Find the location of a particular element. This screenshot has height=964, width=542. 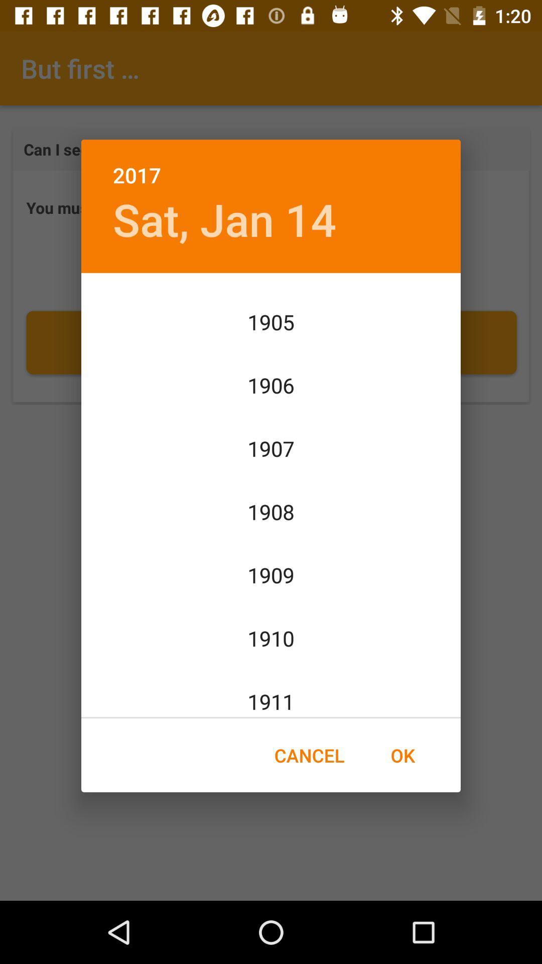

icon to the left of the ok item is located at coordinates (309, 755).